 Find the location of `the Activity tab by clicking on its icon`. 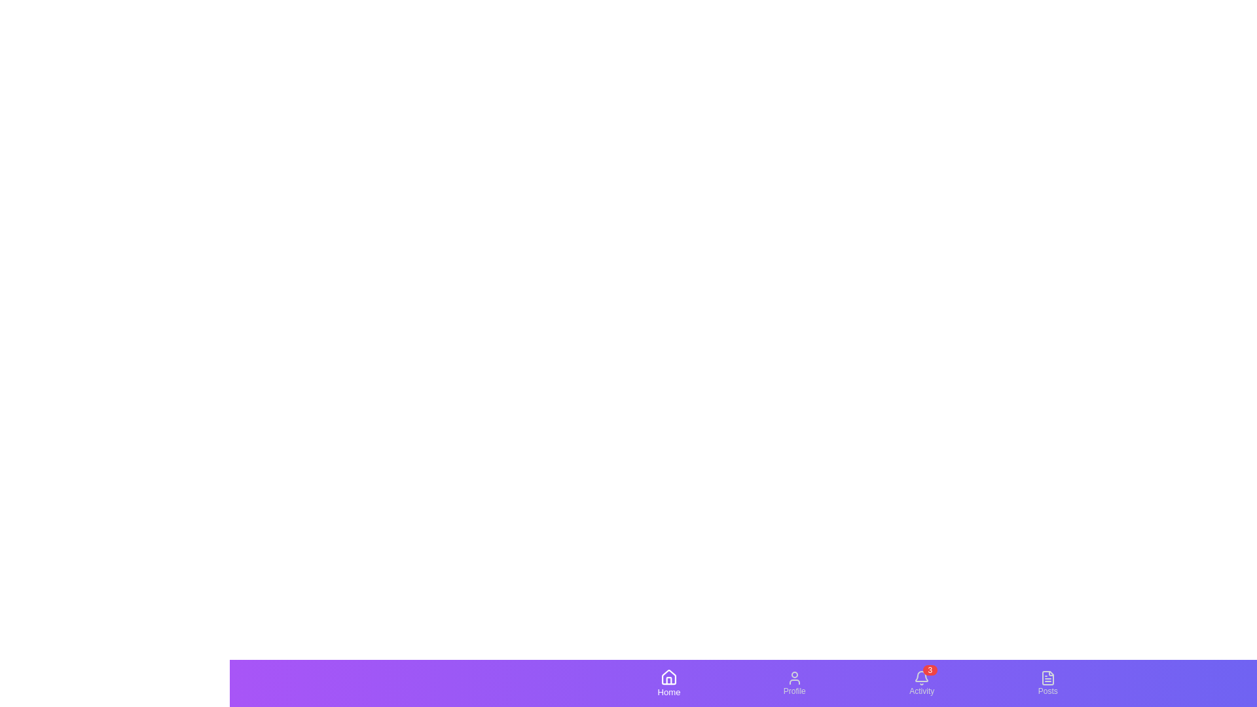

the Activity tab by clicking on its icon is located at coordinates (920, 683).